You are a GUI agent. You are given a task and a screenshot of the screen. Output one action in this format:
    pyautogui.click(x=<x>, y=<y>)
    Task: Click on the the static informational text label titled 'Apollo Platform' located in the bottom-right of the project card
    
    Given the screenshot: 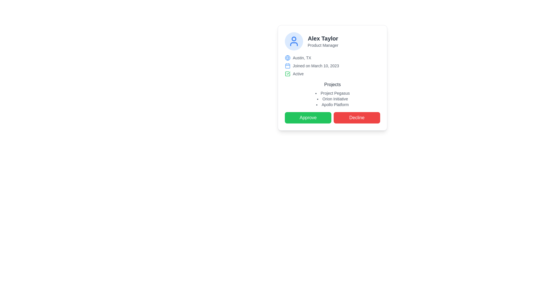 What is the action you would take?
    pyautogui.click(x=333, y=104)
    